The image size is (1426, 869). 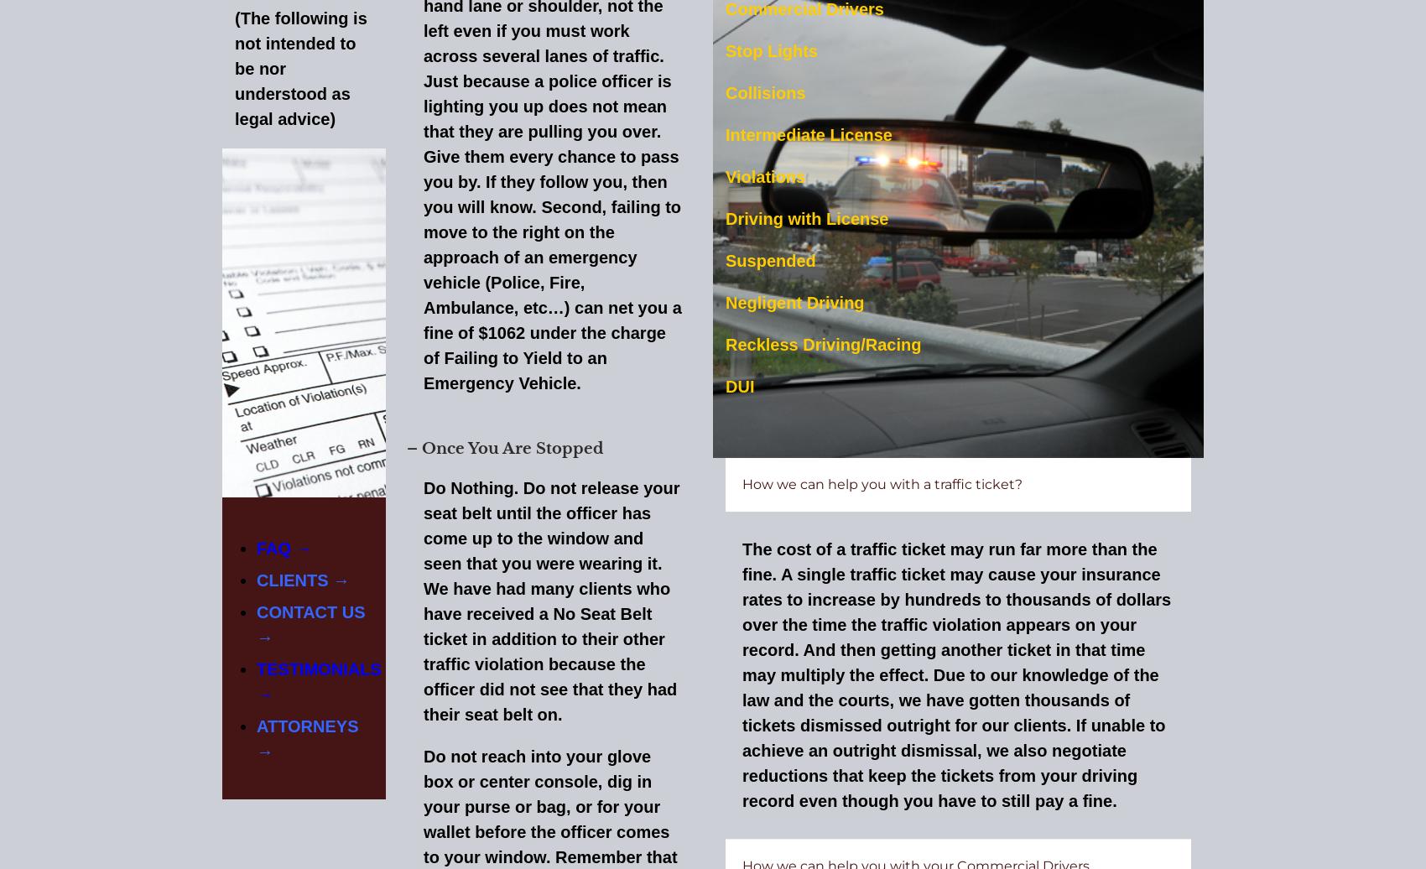 What do you see at coordinates (725, 175) in the screenshot?
I see `'Violations'` at bounding box center [725, 175].